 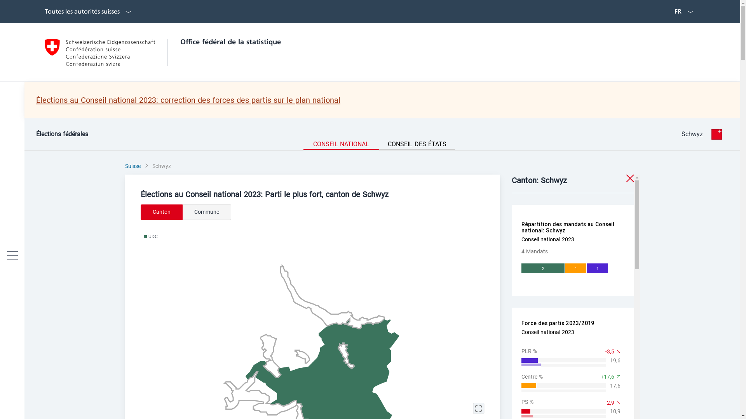 I want to click on 'Suisse', so click(x=132, y=166).